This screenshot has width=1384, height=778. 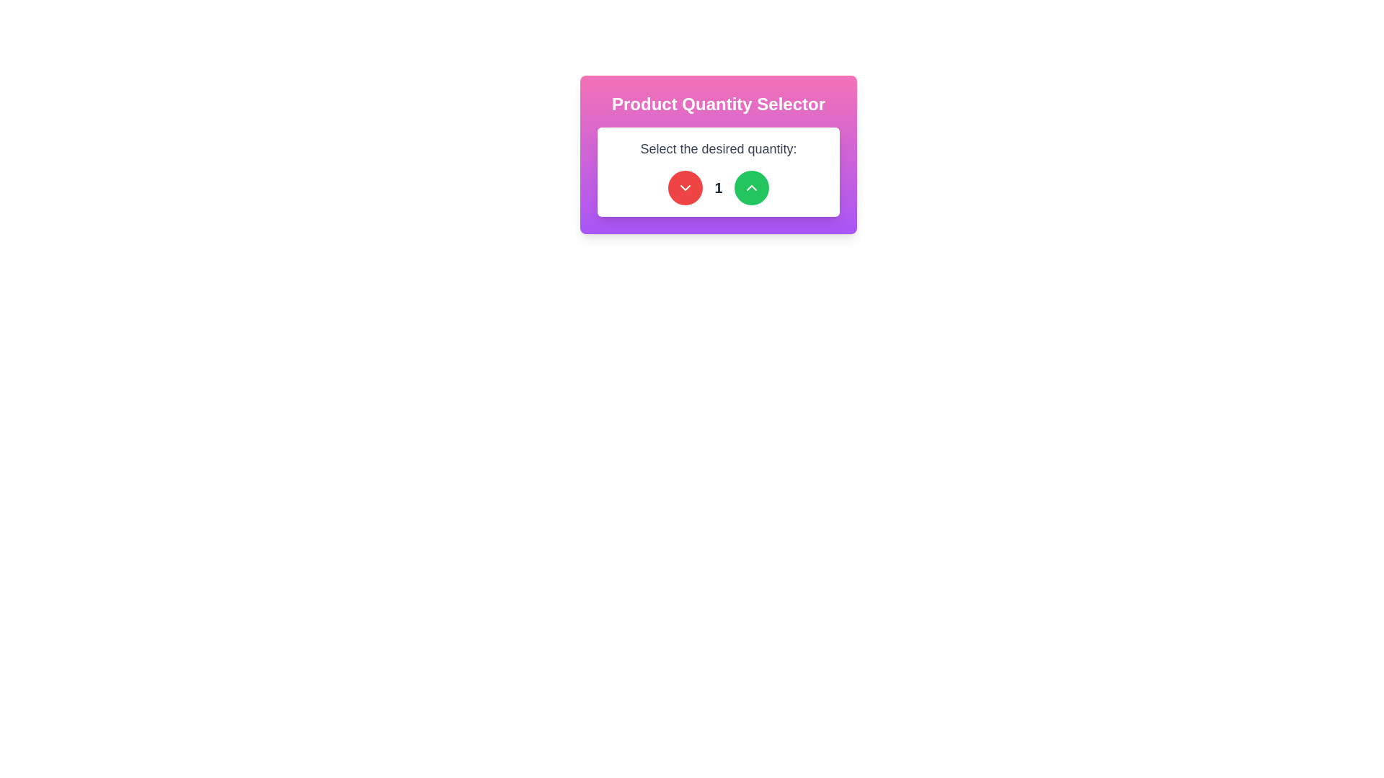 What do you see at coordinates (685, 187) in the screenshot?
I see `the circular red button with a white chevron-down icon to observe the hover effect` at bounding box center [685, 187].